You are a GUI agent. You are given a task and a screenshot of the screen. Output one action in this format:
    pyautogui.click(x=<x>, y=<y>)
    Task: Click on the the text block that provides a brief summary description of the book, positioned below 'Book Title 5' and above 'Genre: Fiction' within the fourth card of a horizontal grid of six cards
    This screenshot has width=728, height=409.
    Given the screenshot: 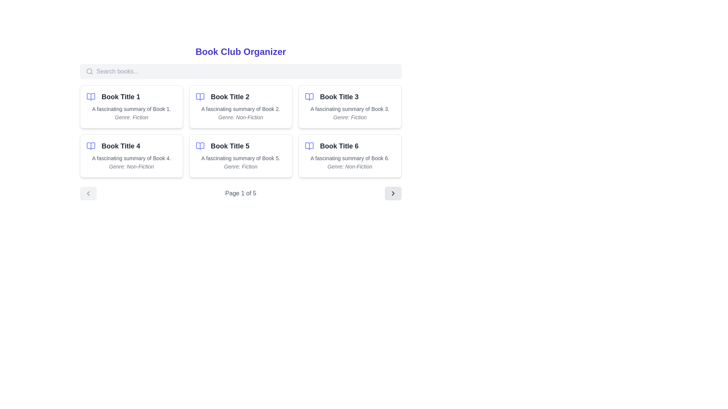 What is the action you would take?
    pyautogui.click(x=240, y=158)
    